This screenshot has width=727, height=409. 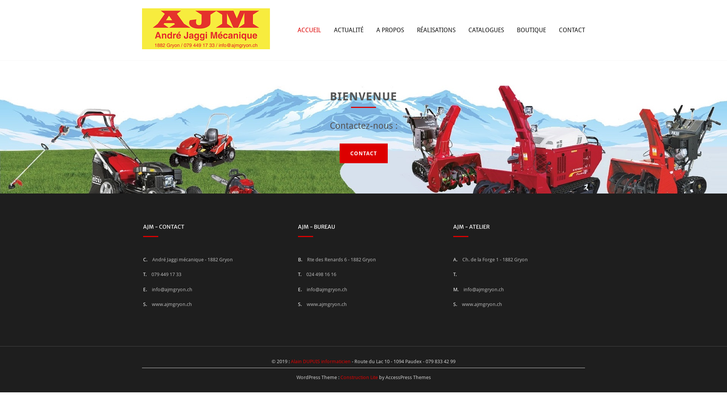 I want to click on 'ACCUEIL', so click(x=309, y=29).